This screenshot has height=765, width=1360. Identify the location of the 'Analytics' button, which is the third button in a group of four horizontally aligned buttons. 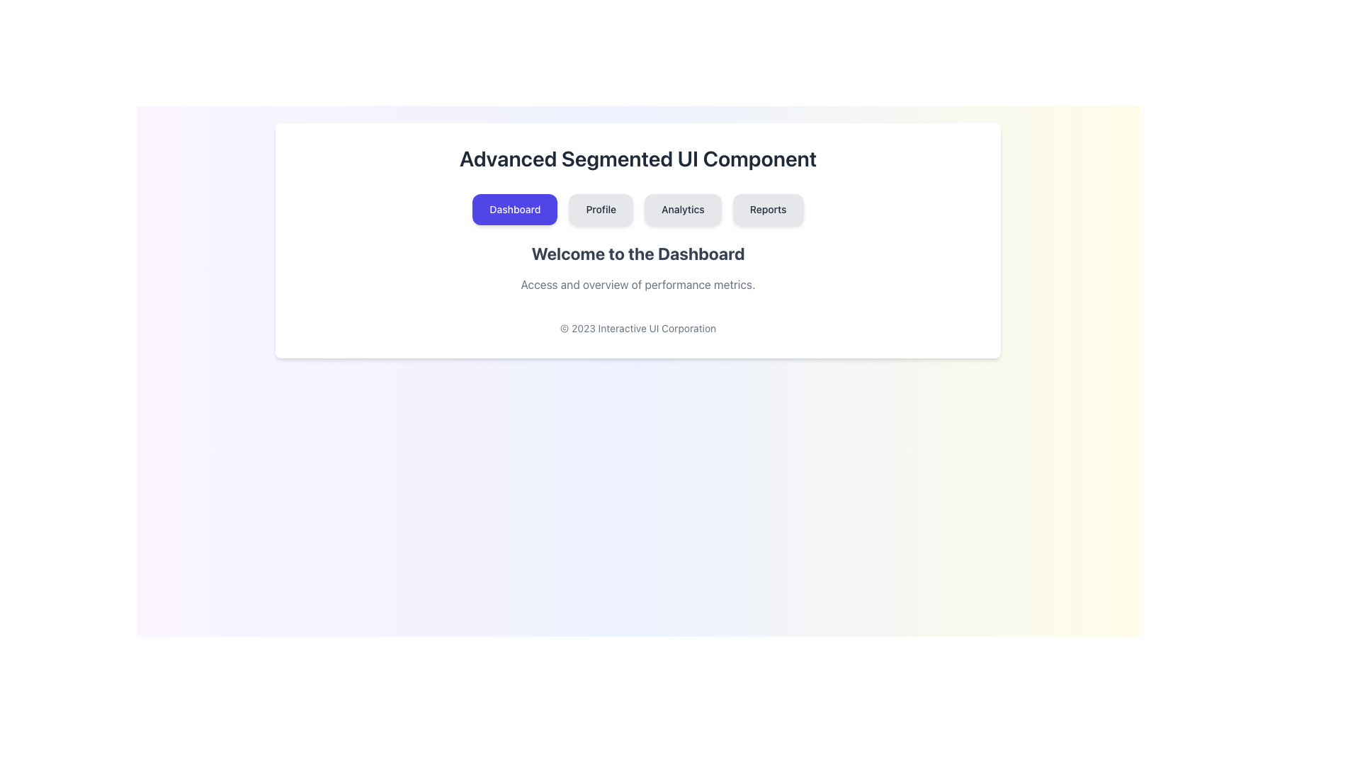
(683, 210).